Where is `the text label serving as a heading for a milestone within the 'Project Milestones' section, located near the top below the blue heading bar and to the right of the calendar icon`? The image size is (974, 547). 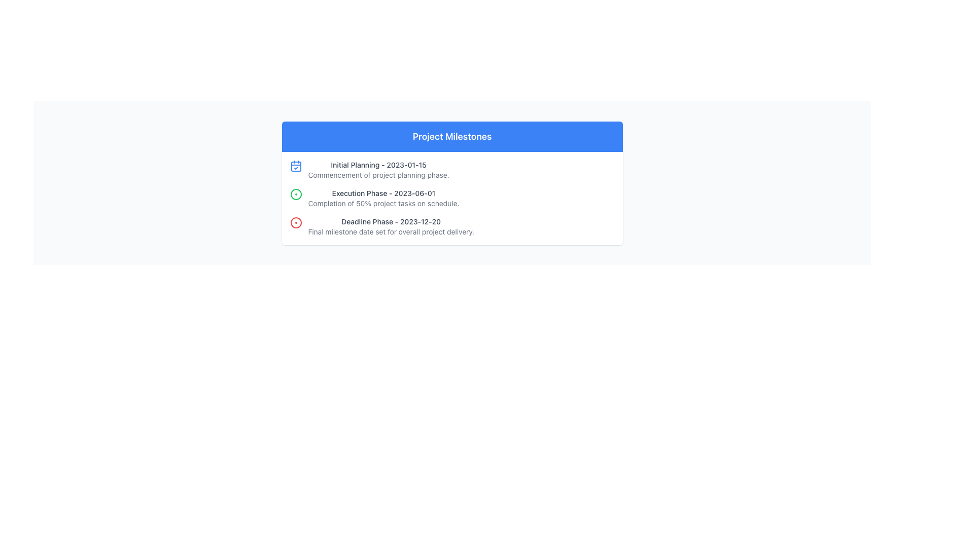 the text label serving as a heading for a milestone within the 'Project Milestones' section, located near the top below the blue heading bar and to the right of the calendar icon is located at coordinates (378, 165).